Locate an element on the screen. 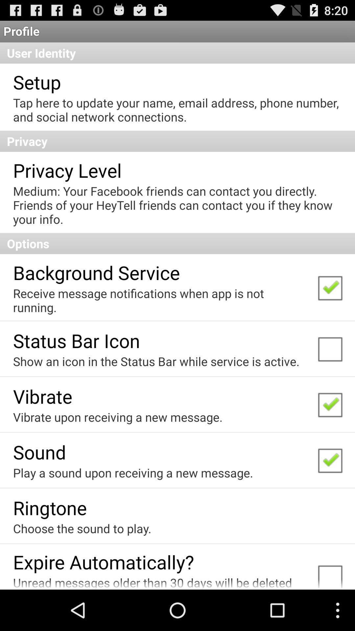 The height and width of the screenshot is (631, 355). the check box which is to the immediate right of vibrate is located at coordinates (330, 404).